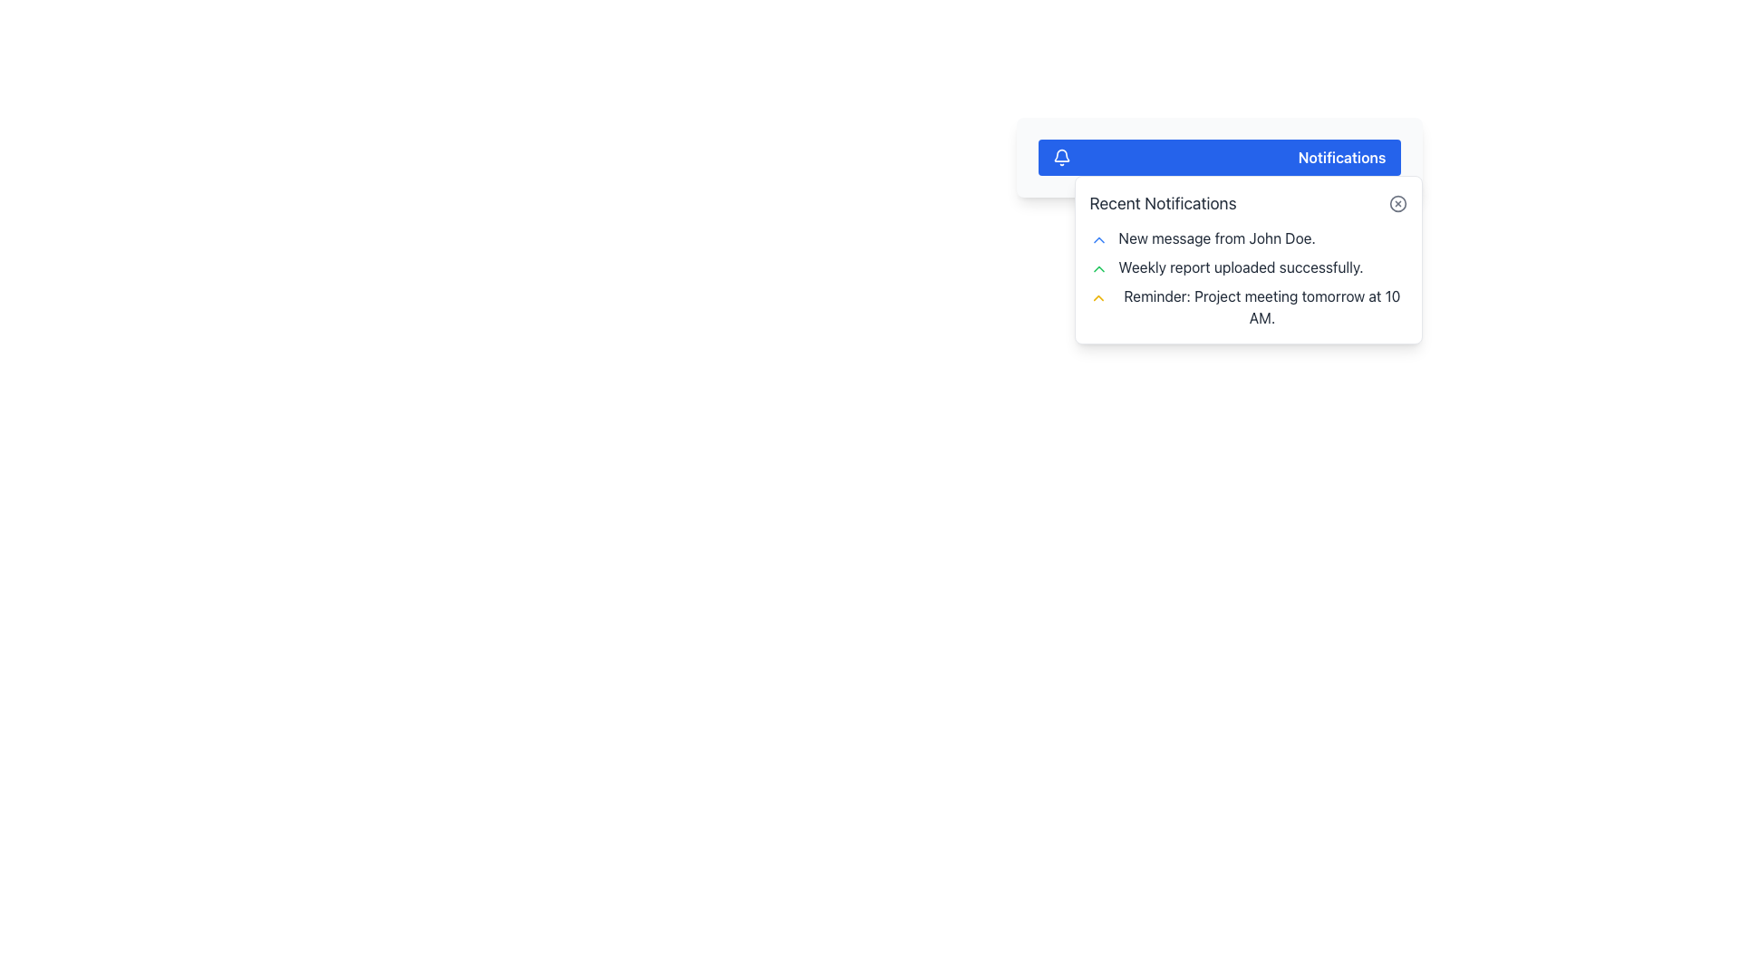 This screenshot has height=979, width=1740. What do you see at coordinates (1261, 306) in the screenshot?
I see `message from the third notification text label in the dropdown menu, which informs about a meeting scheduled for the next day at 10 AM` at bounding box center [1261, 306].